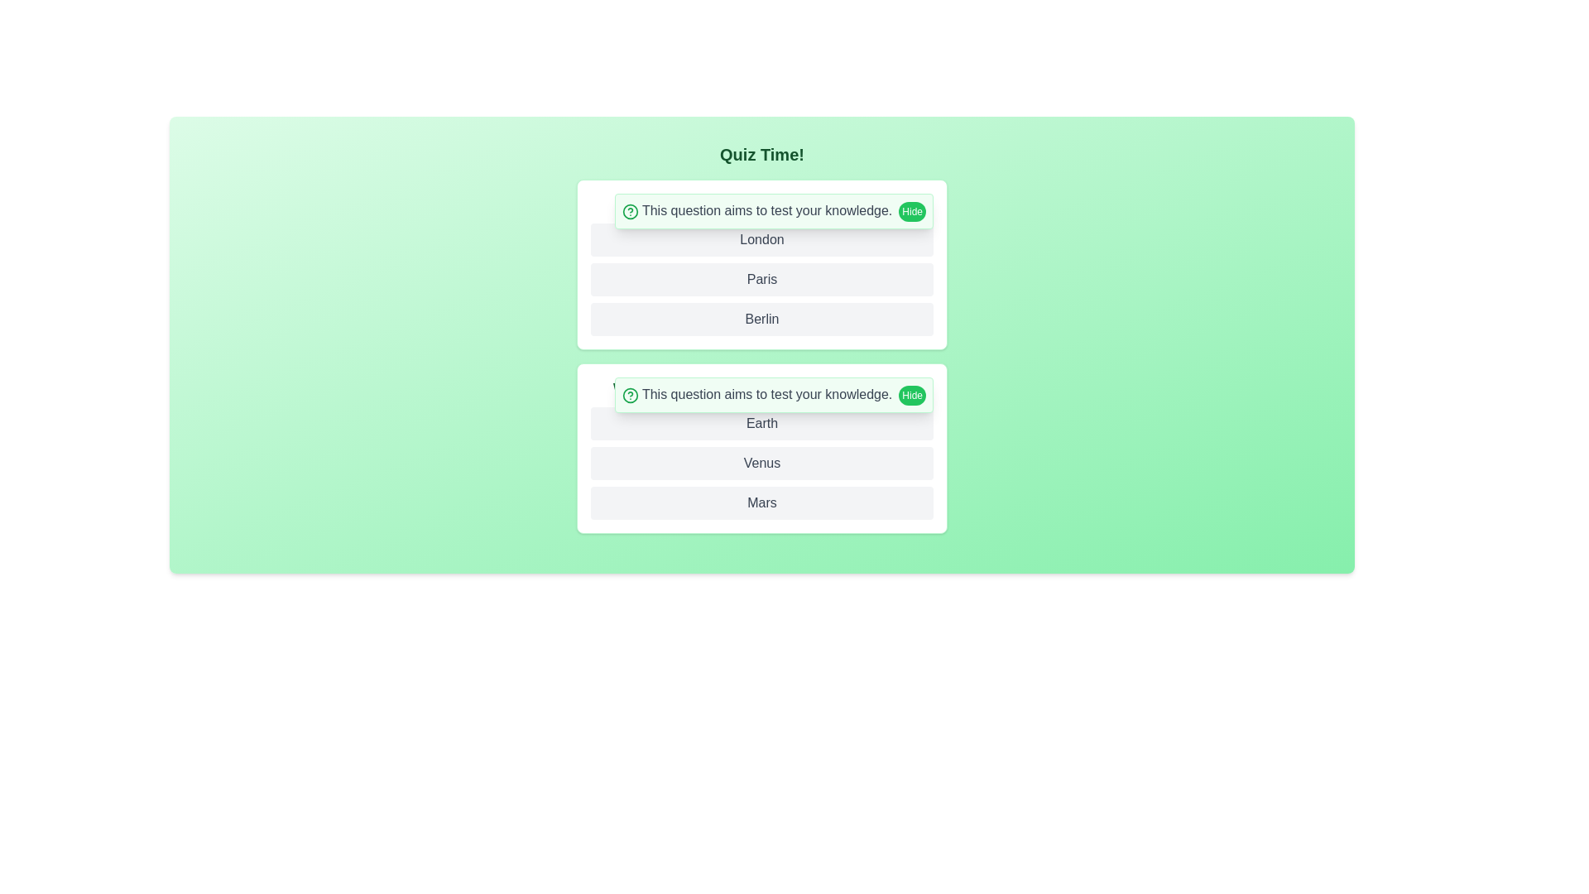 The height and width of the screenshot is (894, 1589). Describe the element at coordinates (761, 502) in the screenshot. I see `the 'Mars' button, which is the third option in a vertically stacked group of three elements under a quiz question` at that location.